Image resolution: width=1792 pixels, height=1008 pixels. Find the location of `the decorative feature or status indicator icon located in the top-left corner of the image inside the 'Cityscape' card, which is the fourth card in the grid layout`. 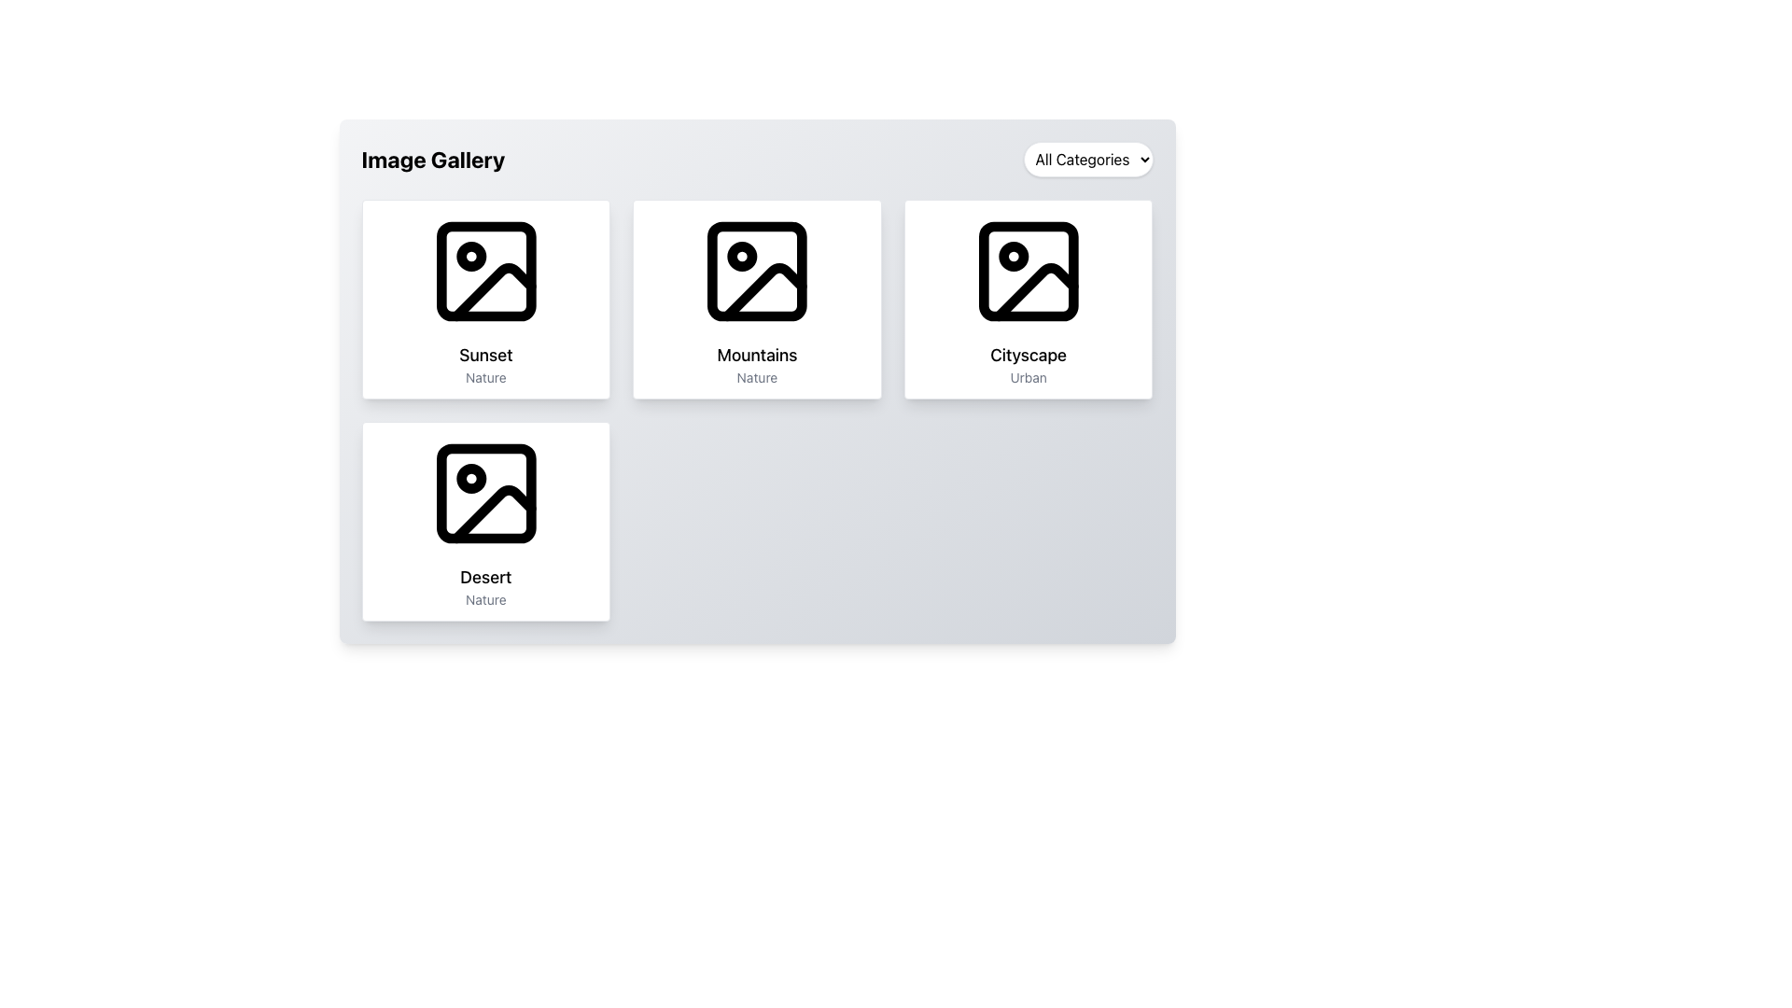

the decorative feature or status indicator icon located in the top-left corner of the image inside the 'Cityscape' card, which is the fourth card in the grid layout is located at coordinates (1013, 256).